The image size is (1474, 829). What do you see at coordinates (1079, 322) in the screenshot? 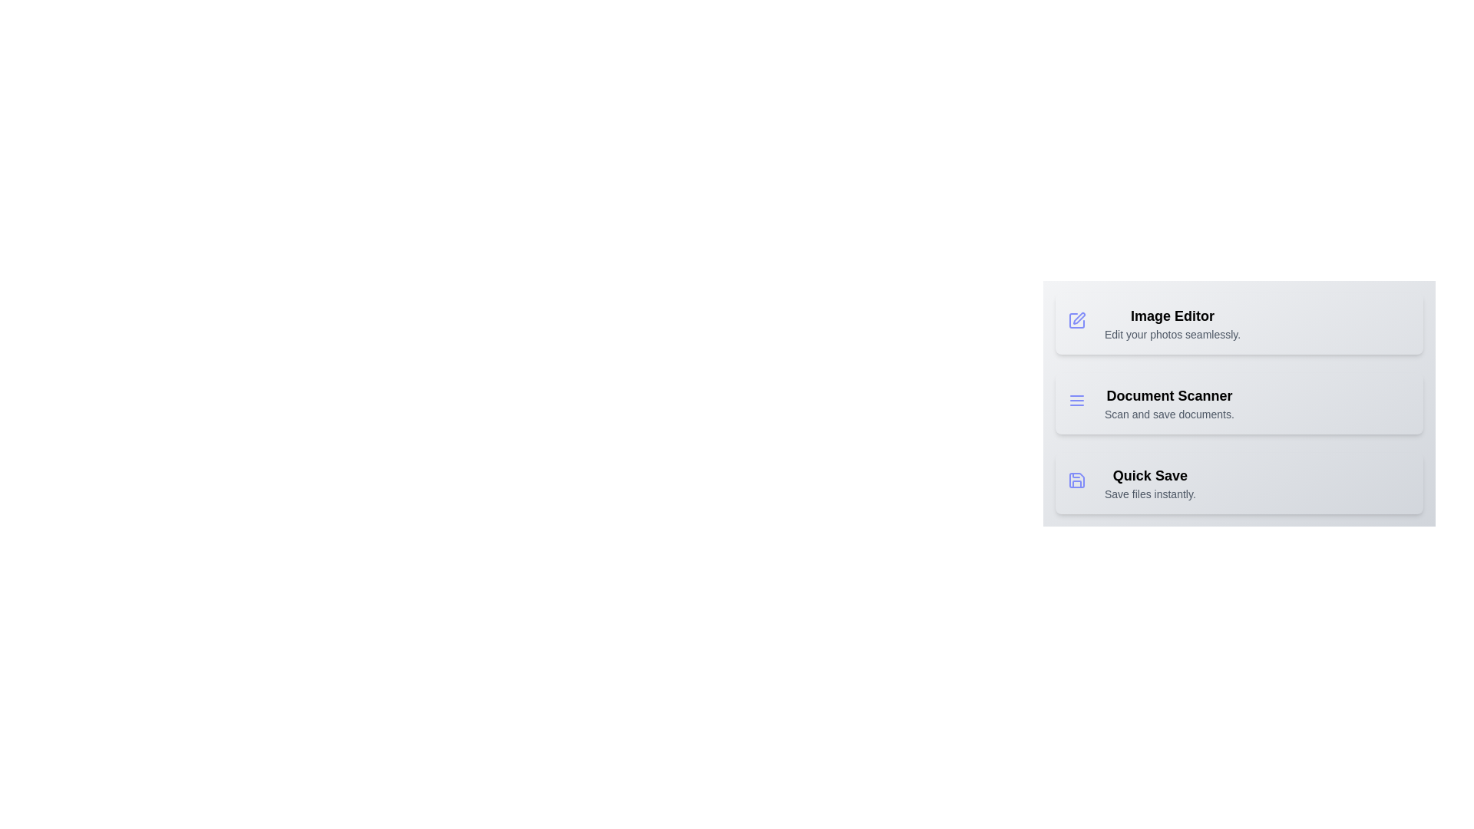
I see `the icon of the item Image Editor to examine it` at bounding box center [1079, 322].